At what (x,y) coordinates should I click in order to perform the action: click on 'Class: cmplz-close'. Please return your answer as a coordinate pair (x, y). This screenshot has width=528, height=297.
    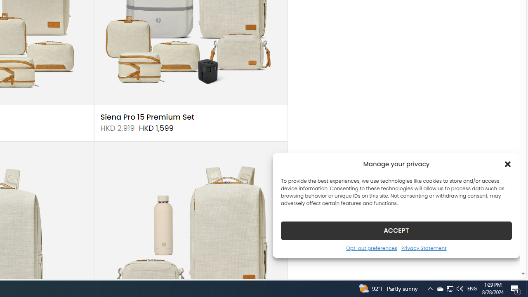
    Looking at the image, I should click on (507, 164).